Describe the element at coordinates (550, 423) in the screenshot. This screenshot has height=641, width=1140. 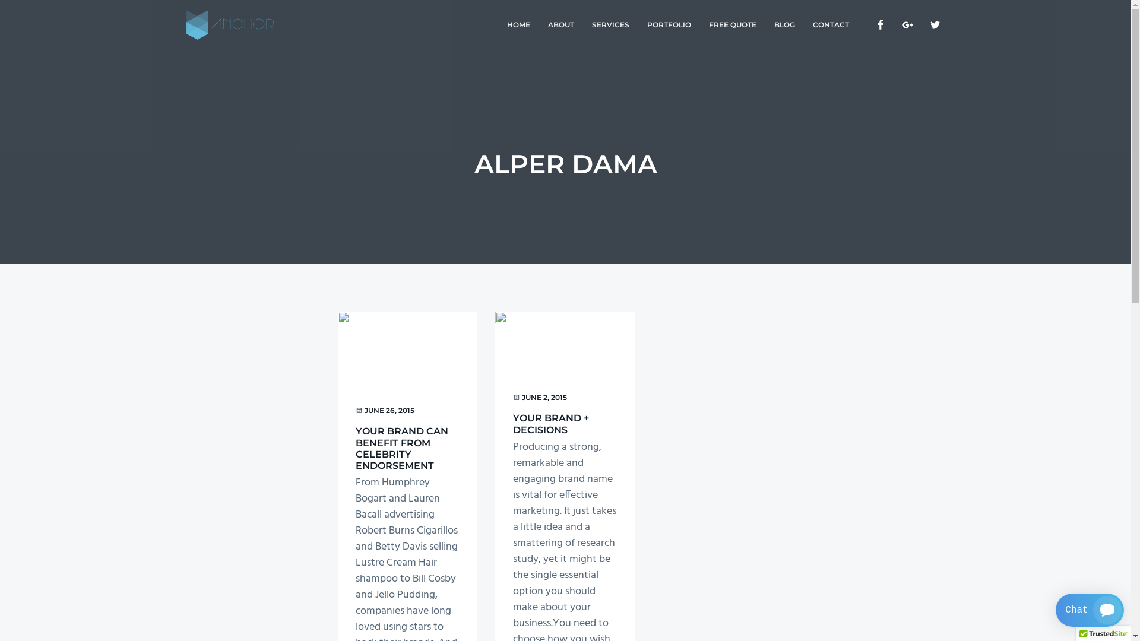
I see `'YOUR BRAND + DECISIONS'` at that location.